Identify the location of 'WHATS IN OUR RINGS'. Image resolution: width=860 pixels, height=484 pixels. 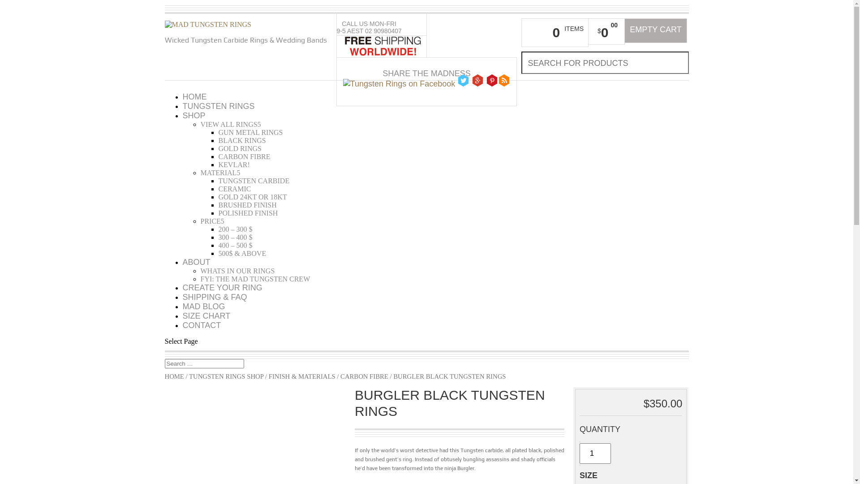
(238, 270).